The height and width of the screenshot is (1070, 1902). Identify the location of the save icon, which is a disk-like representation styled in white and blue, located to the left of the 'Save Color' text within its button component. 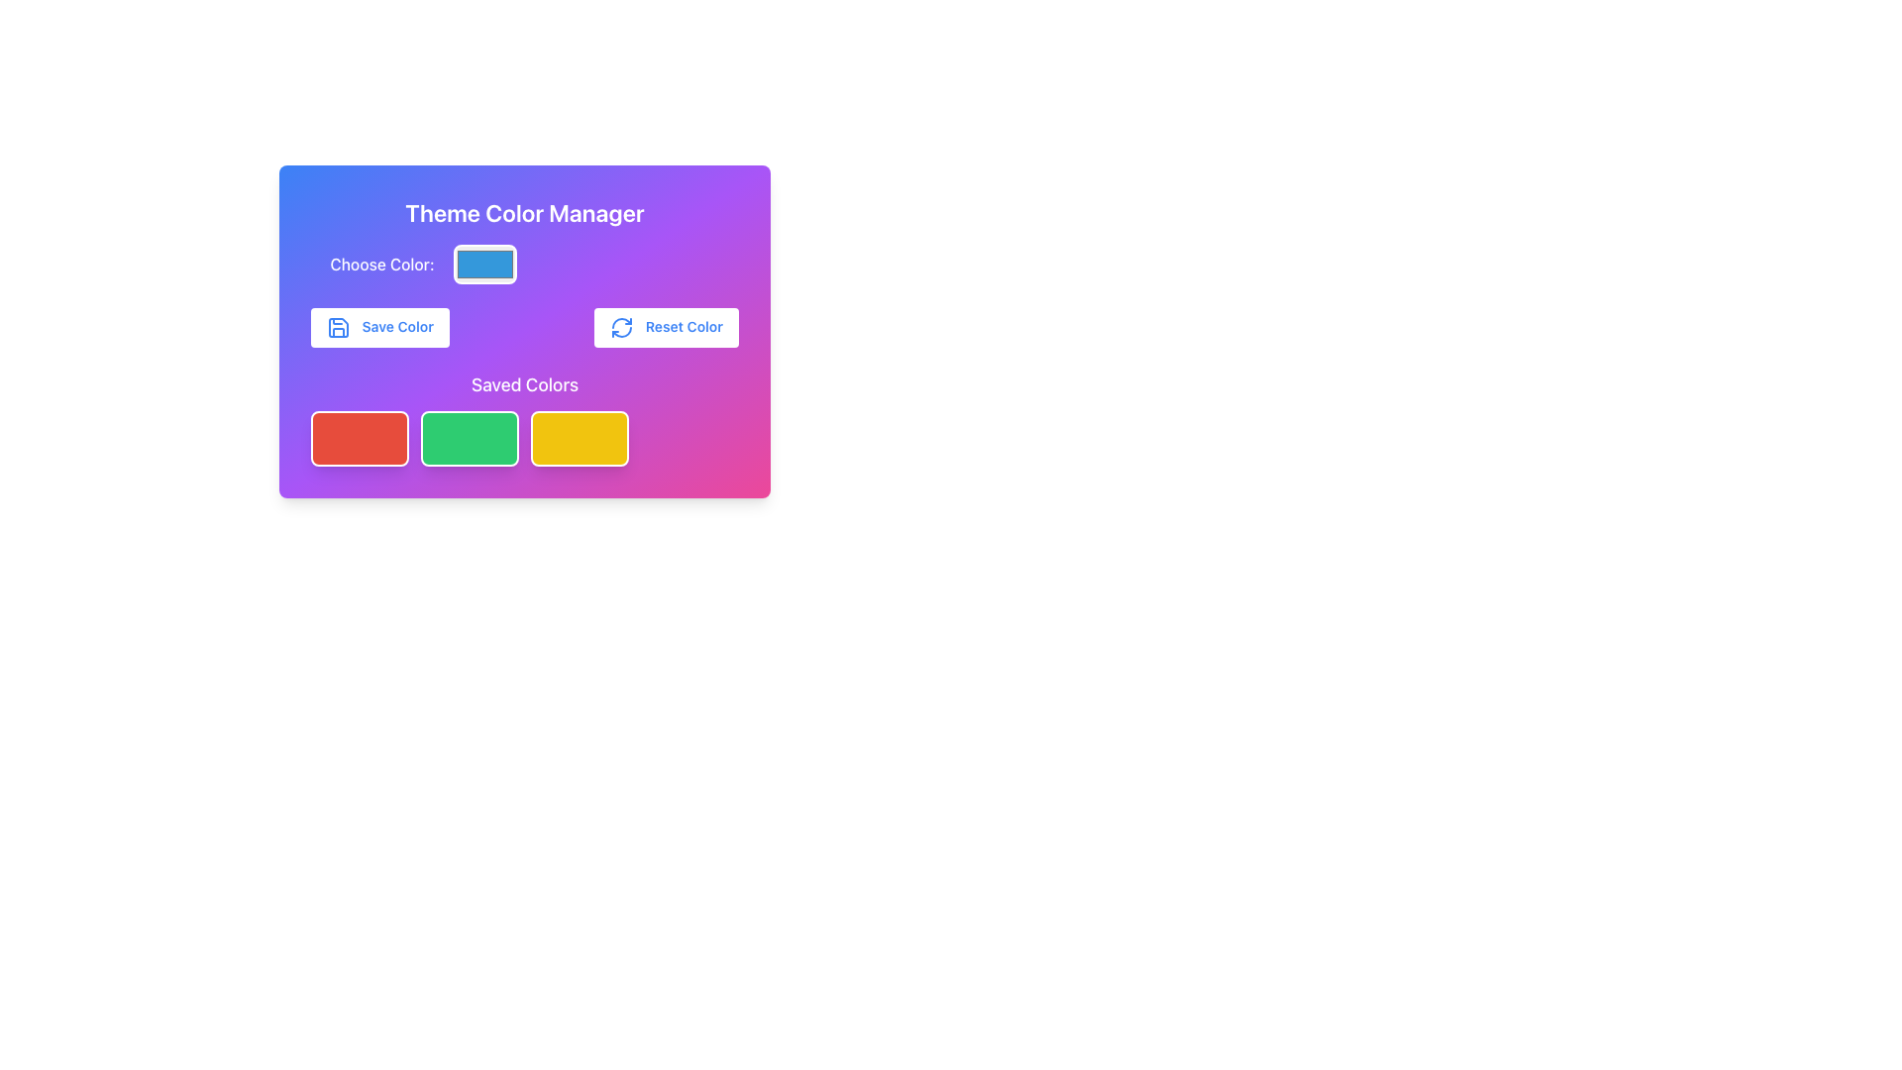
(338, 327).